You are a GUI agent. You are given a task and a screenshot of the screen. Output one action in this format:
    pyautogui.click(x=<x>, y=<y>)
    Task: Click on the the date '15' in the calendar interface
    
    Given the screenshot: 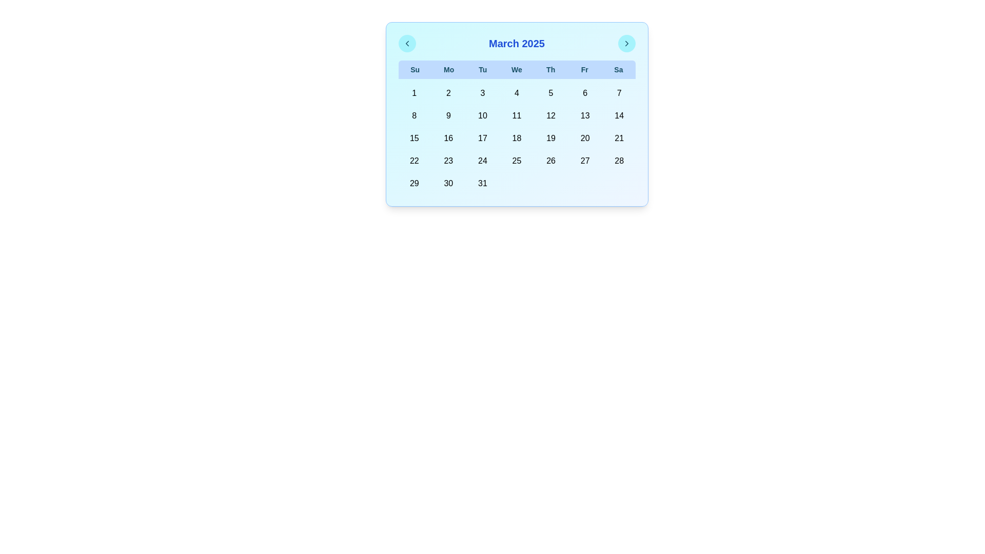 What is the action you would take?
    pyautogui.click(x=414, y=138)
    